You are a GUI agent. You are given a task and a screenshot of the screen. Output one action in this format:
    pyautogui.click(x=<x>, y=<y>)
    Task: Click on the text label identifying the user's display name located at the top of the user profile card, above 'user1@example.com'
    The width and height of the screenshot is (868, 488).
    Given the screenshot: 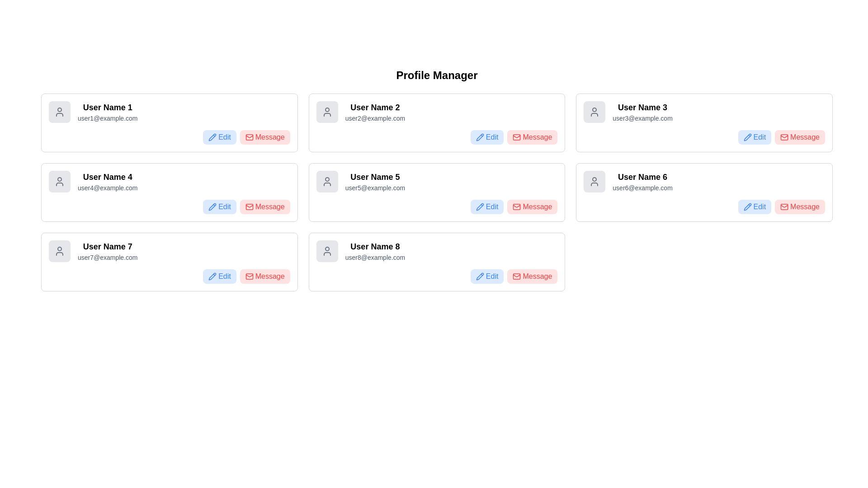 What is the action you would take?
    pyautogui.click(x=108, y=107)
    